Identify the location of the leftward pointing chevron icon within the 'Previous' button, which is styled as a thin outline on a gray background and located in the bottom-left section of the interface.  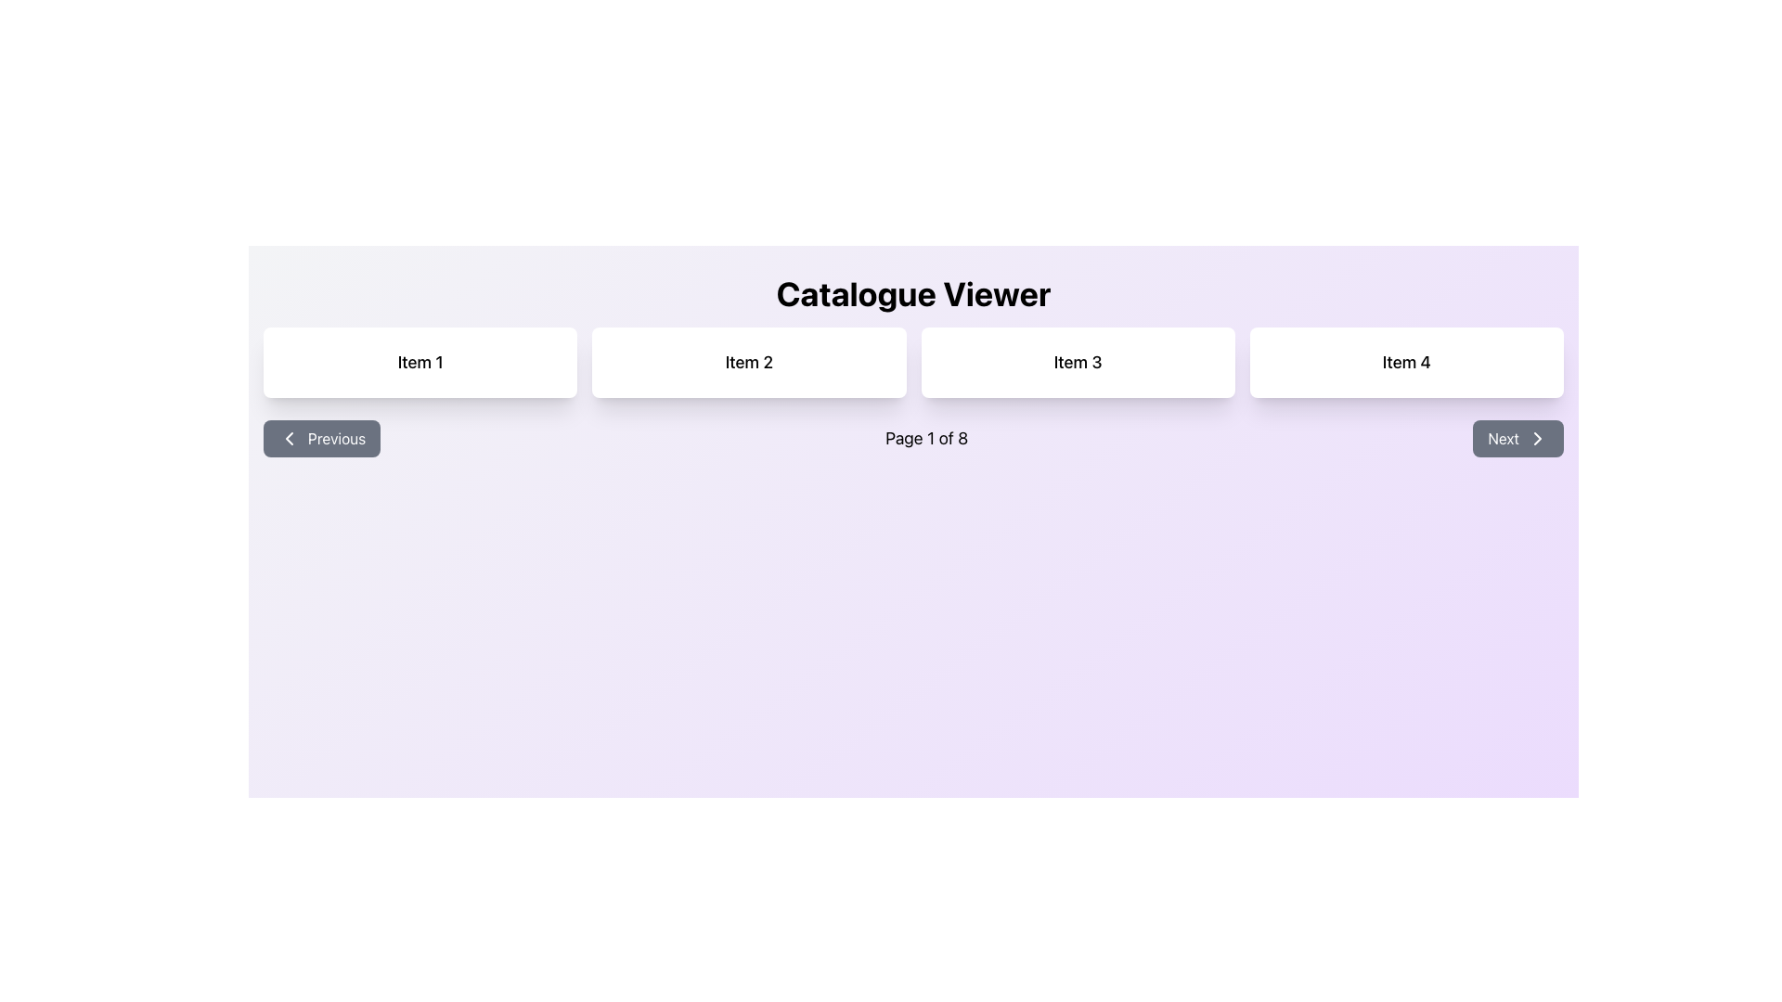
(289, 439).